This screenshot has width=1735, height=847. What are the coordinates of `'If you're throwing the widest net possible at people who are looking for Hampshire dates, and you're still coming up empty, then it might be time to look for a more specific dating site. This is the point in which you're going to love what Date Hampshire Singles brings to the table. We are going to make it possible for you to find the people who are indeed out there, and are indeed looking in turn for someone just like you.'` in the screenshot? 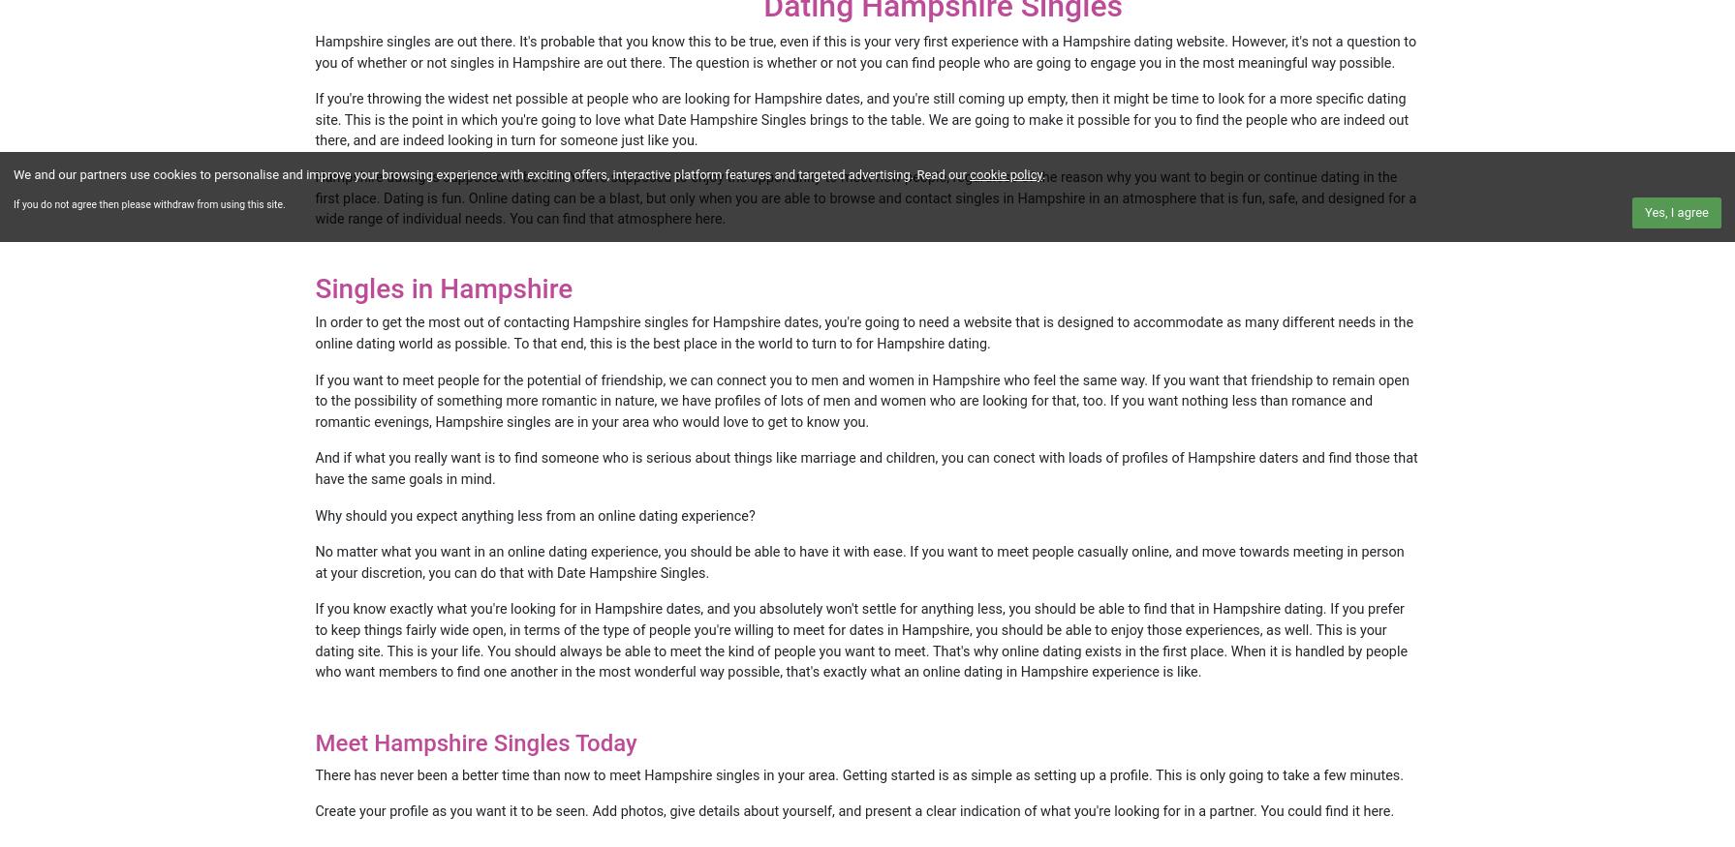 It's located at (861, 119).